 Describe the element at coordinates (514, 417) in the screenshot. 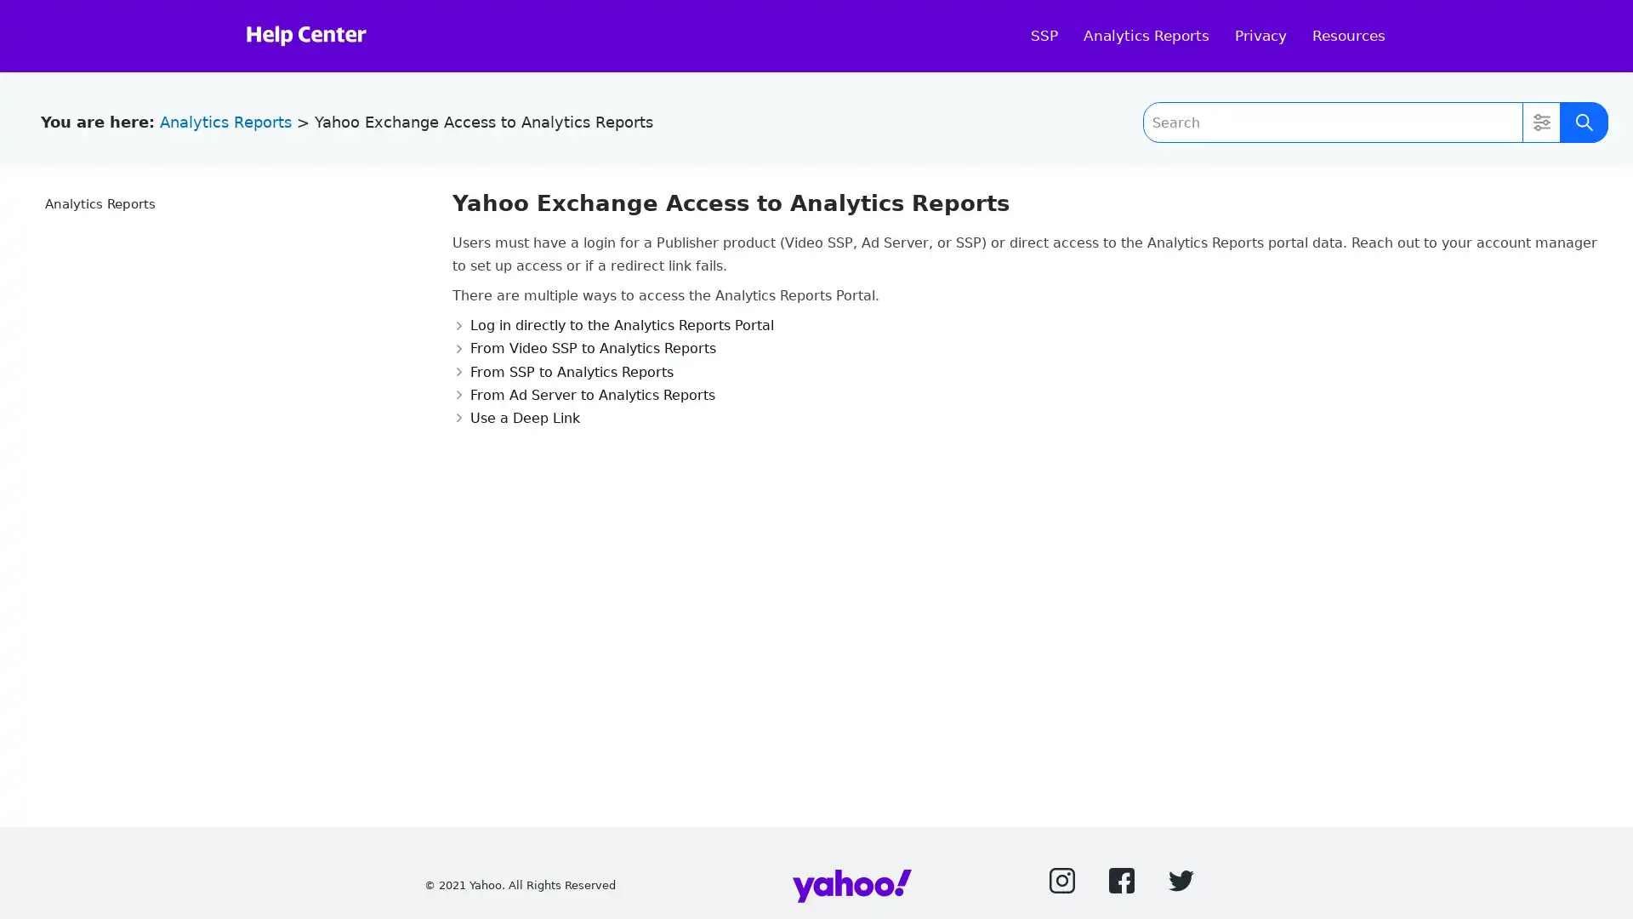

I see `Closed Use a Deep Link` at that location.